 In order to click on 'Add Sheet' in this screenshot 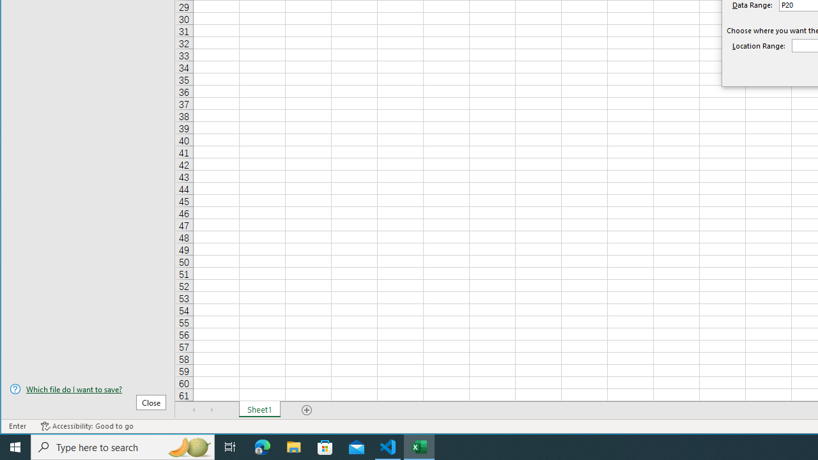, I will do `click(307, 410)`.